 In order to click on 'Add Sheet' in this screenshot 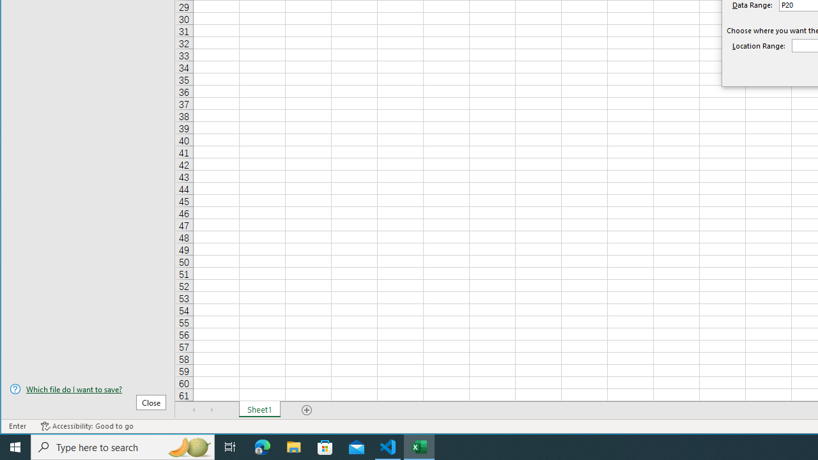, I will do `click(307, 410)`.